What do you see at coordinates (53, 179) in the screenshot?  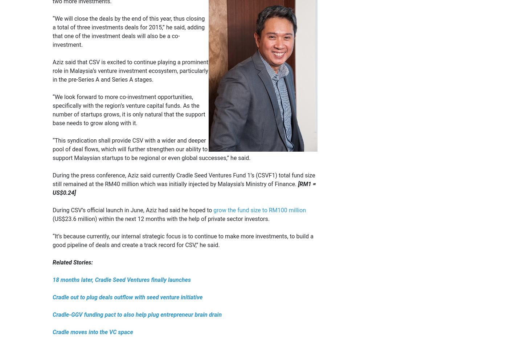 I see `'During the press conference, Aziz said currently Cradle Seed Ventures Fund 1’s (CSVF1) total fund size still remained at the RM40 million which was initially injected by Malaysia’s Ministry of Finance.'` at bounding box center [53, 179].